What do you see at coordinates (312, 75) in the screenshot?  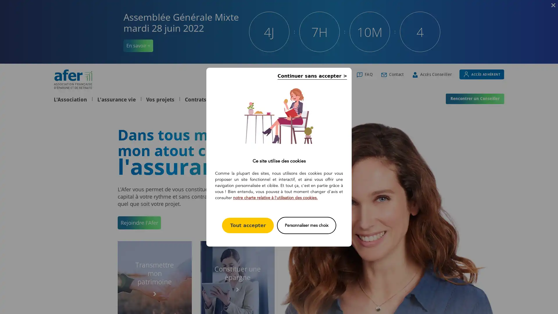 I see `Continuer sans accepter >` at bounding box center [312, 75].